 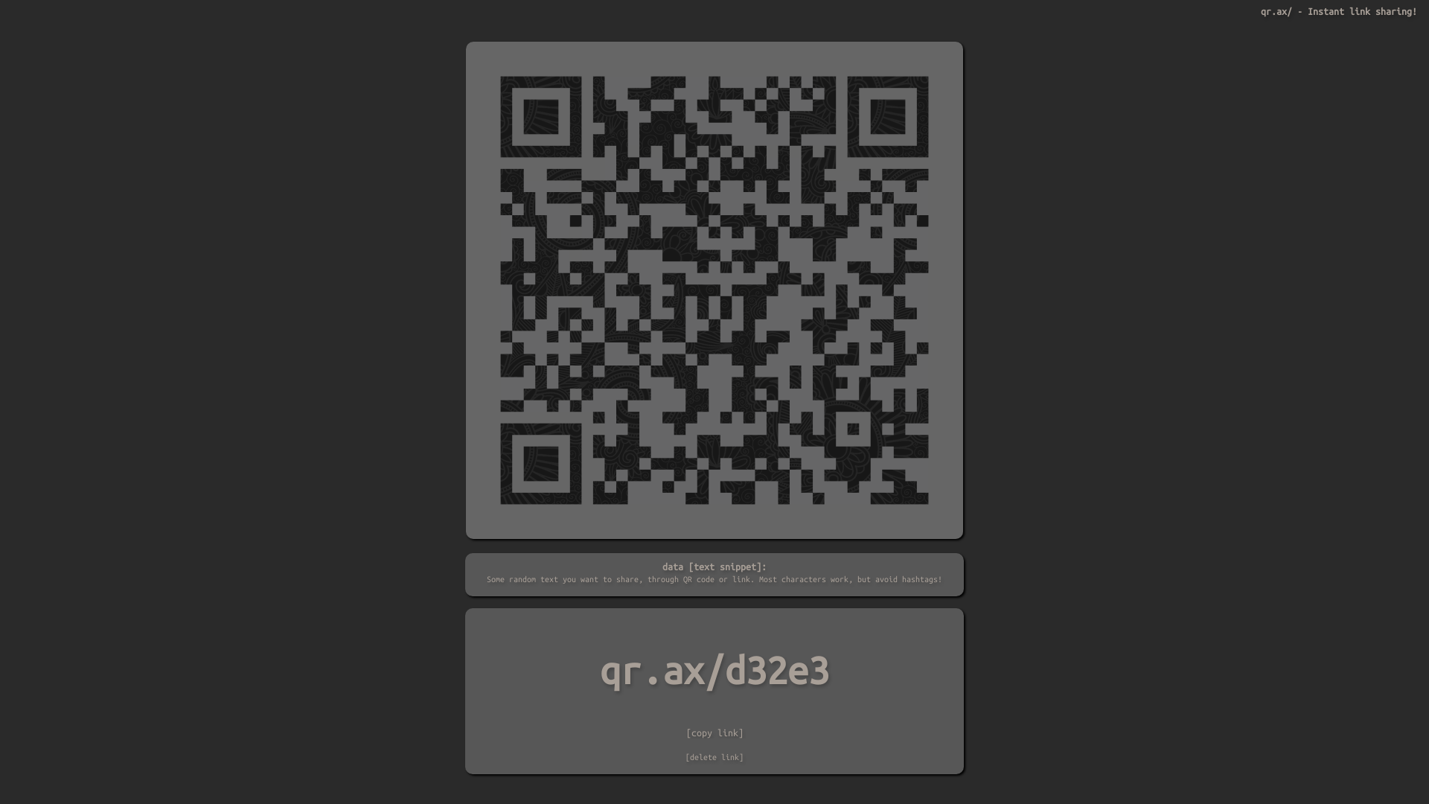 I want to click on '[delete link]', so click(x=685, y=757).